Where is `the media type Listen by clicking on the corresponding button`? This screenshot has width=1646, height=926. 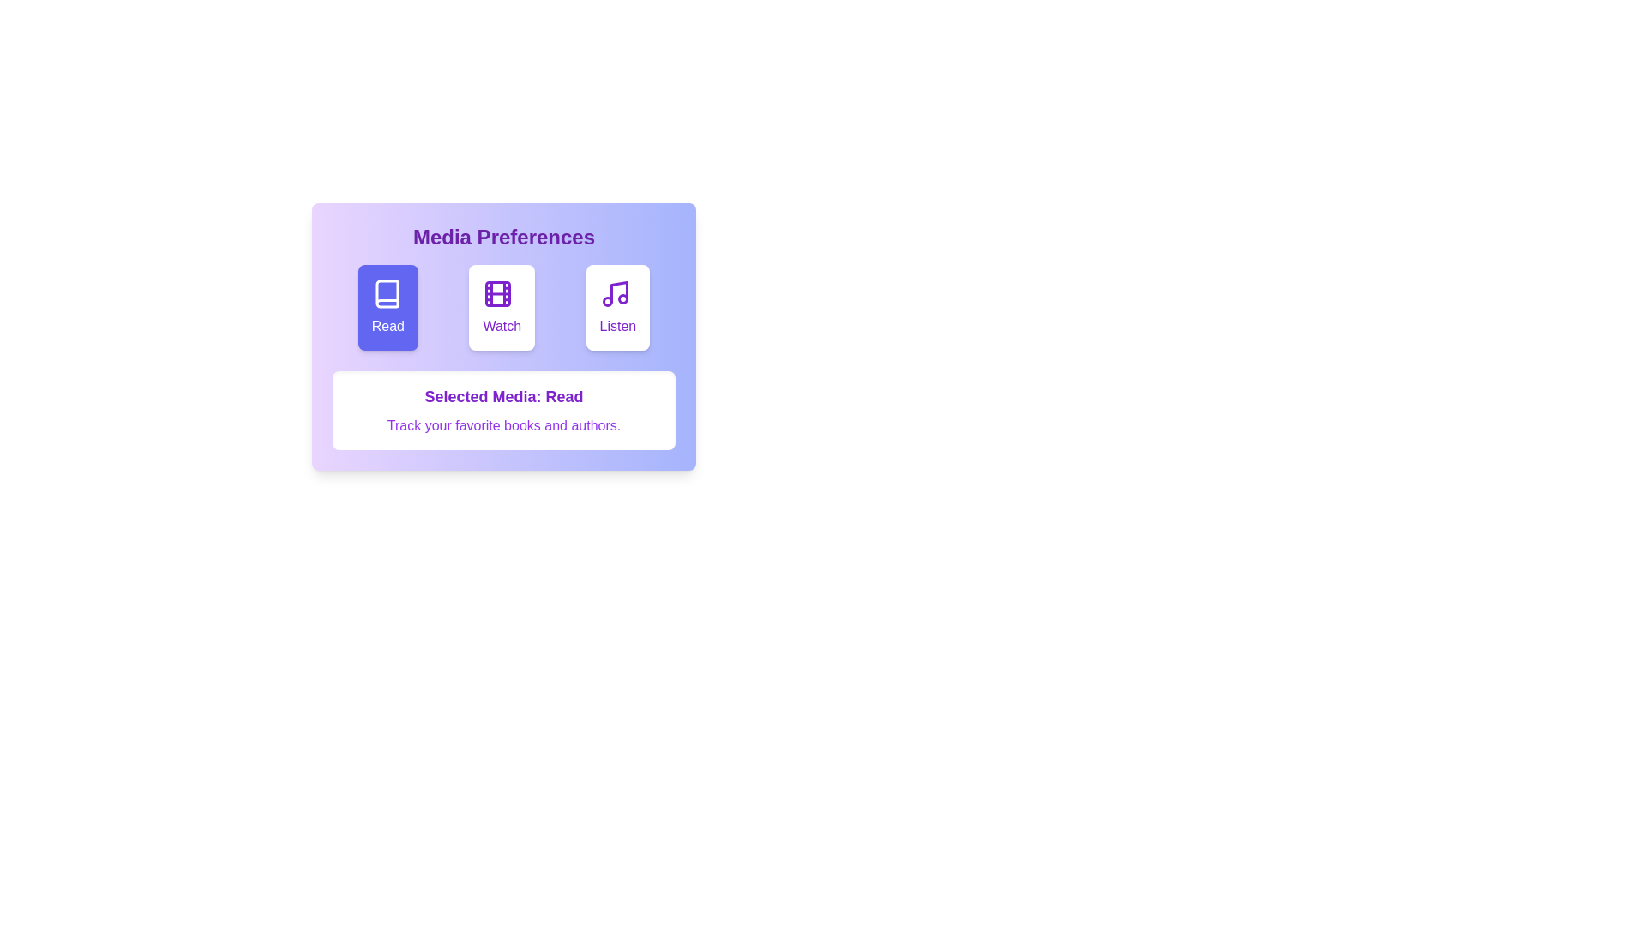
the media type Listen by clicking on the corresponding button is located at coordinates (617, 306).